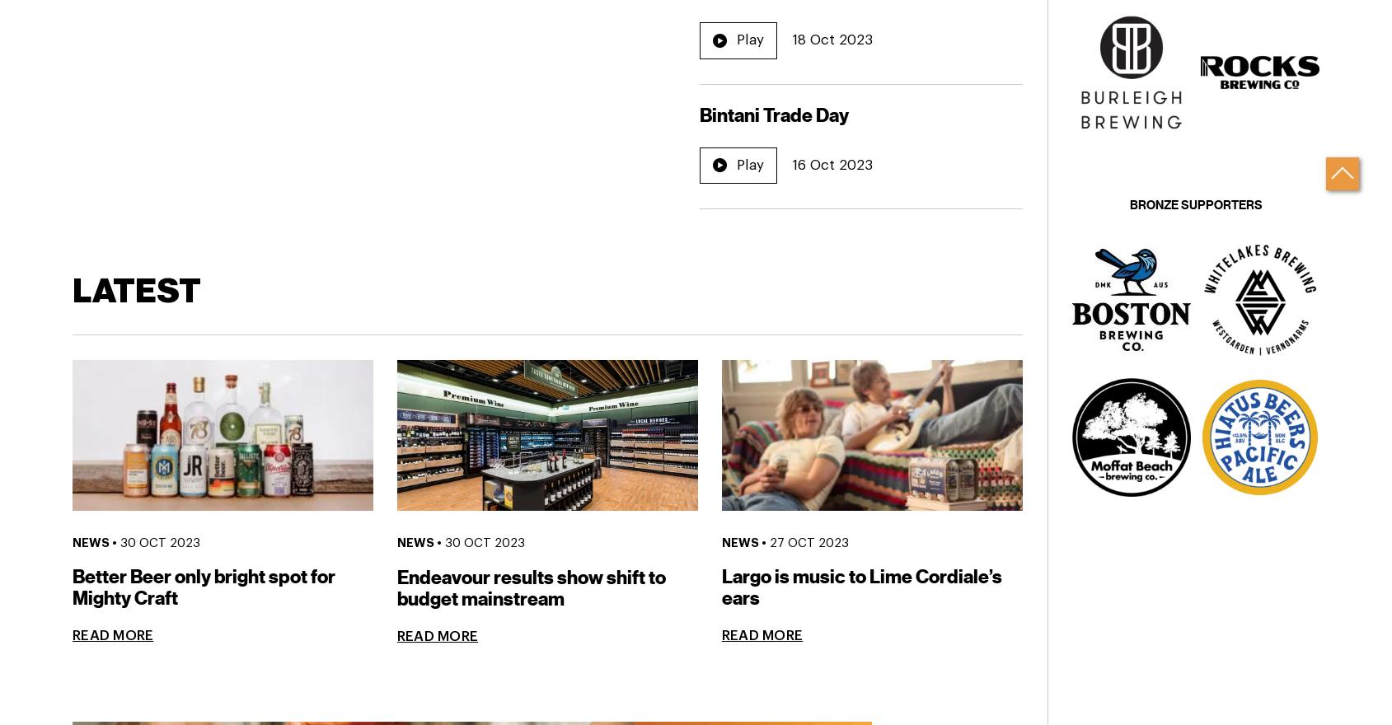 Image resolution: width=1392 pixels, height=725 pixels. Describe the element at coordinates (773, 115) in the screenshot. I see `'Bintani Trade Day'` at that location.